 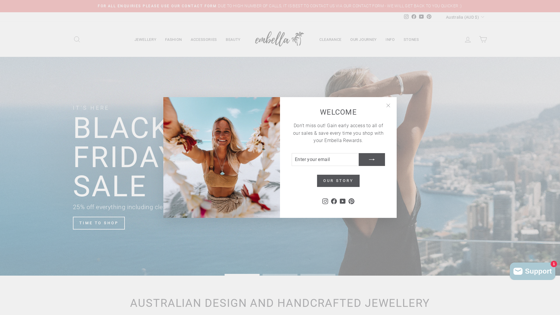 I want to click on 'Instagram', so click(x=325, y=201).